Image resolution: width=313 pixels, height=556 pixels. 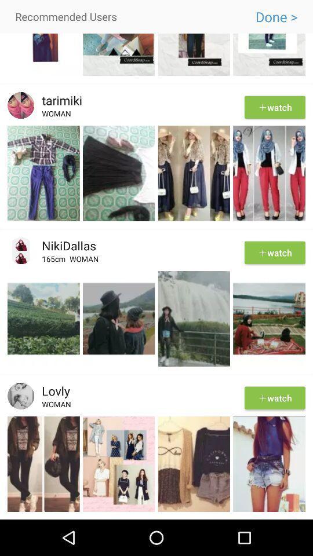 What do you see at coordinates (52, 390) in the screenshot?
I see `lovly app` at bounding box center [52, 390].